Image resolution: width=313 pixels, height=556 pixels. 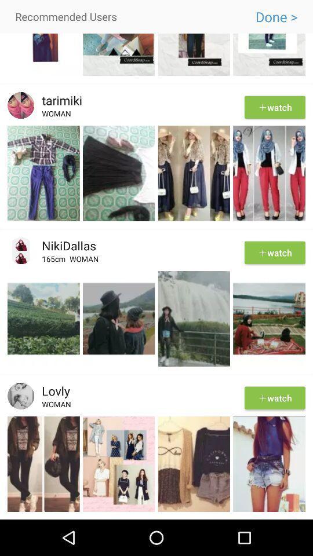 What do you see at coordinates (52, 390) in the screenshot?
I see `lovly app` at bounding box center [52, 390].